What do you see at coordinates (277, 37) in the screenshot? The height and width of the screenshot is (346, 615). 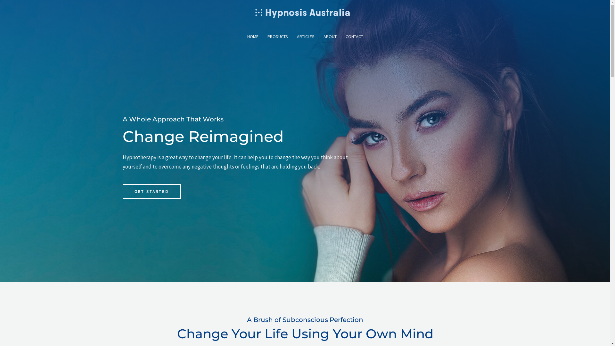 I see `'PRODUCTS'` at bounding box center [277, 37].